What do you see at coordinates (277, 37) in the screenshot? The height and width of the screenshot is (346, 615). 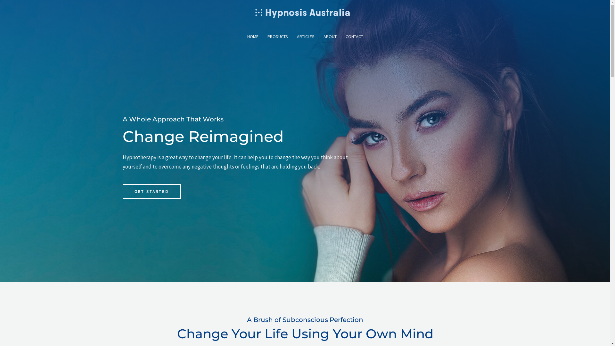 I see `'PRODUCTS'` at bounding box center [277, 37].